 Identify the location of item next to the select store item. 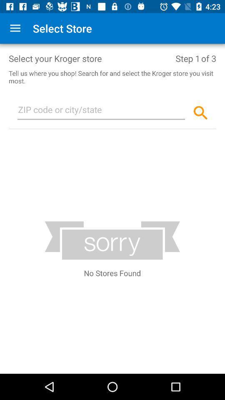
(15, 28).